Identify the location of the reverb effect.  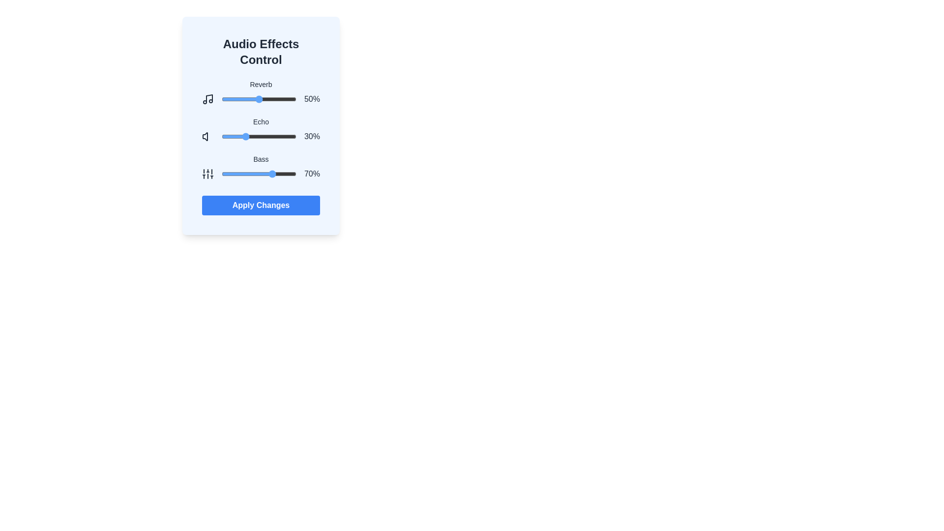
(257, 99).